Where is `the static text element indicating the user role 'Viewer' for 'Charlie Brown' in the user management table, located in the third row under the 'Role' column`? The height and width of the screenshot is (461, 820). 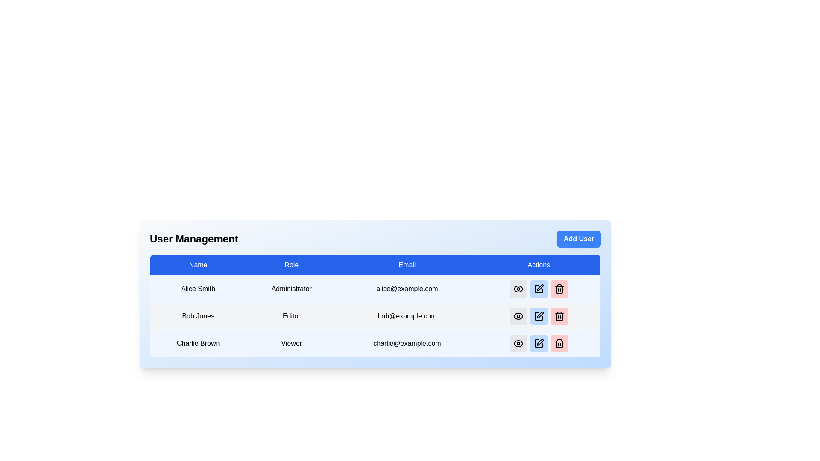
the static text element indicating the user role 'Viewer' for 'Charlie Brown' in the user management table, located in the third row under the 'Role' column is located at coordinates (291, 343).